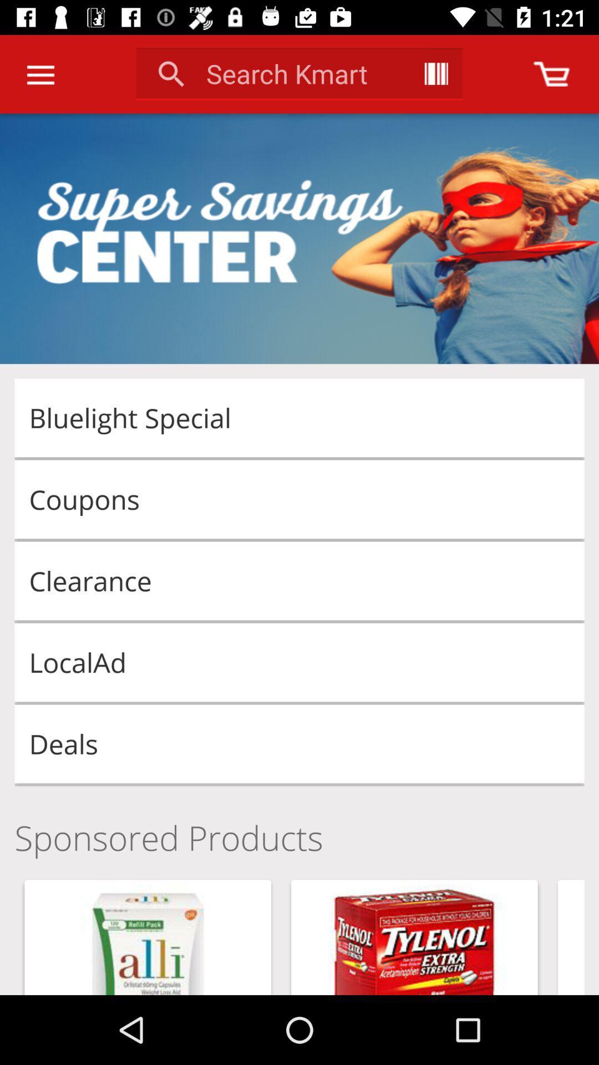 The image size is (599, 1065). I want to click on shopping cart, so click(551, 73).